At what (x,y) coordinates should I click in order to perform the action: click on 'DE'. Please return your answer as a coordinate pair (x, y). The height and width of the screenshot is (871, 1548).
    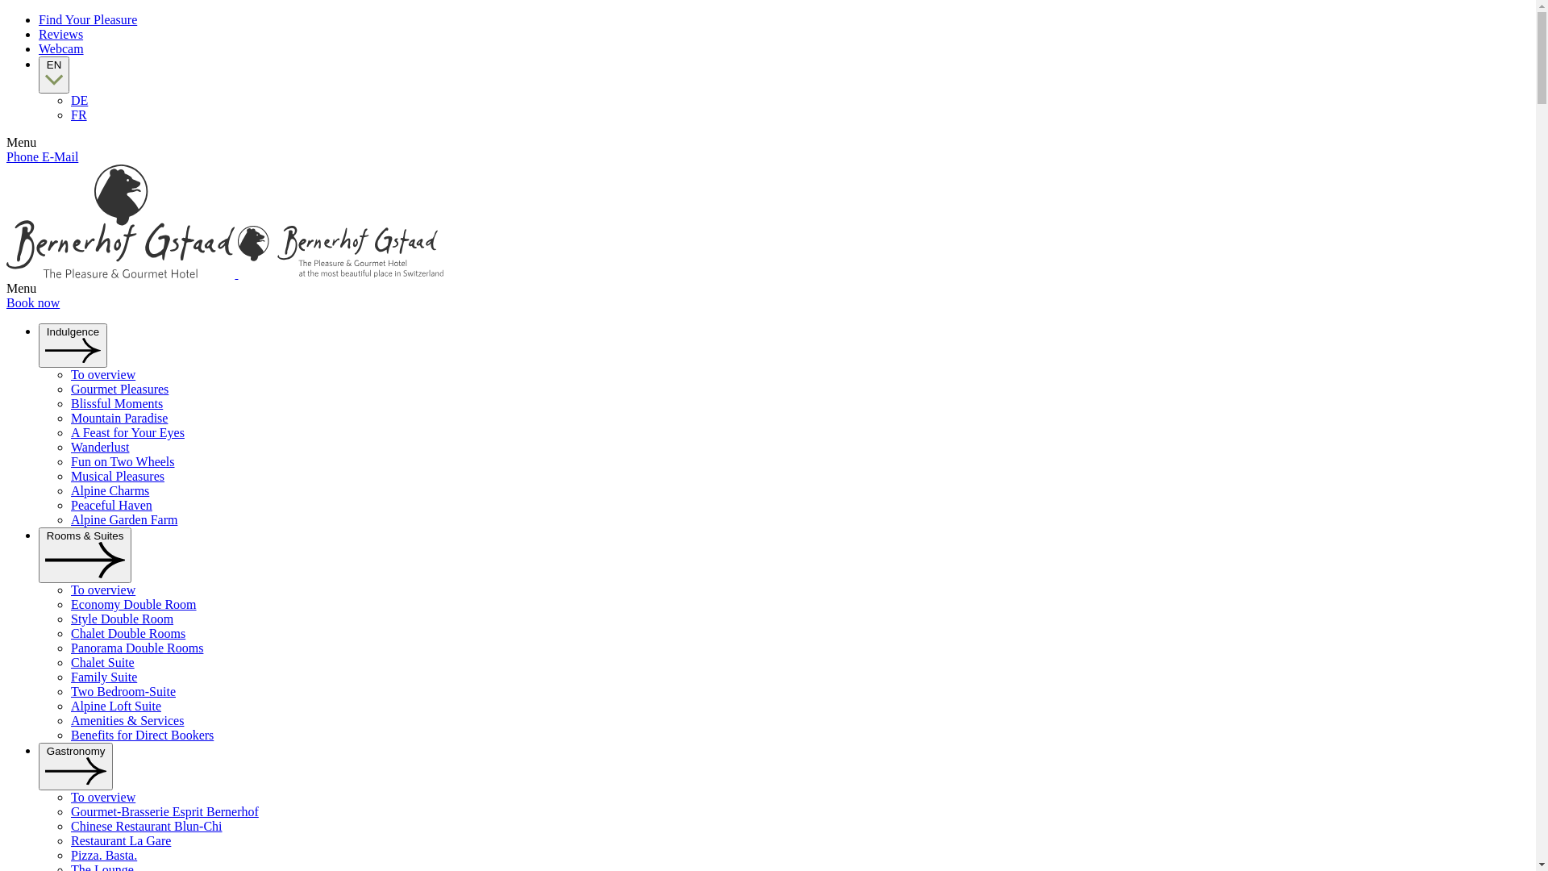
    Looking at the image, I should click on (69, 100).